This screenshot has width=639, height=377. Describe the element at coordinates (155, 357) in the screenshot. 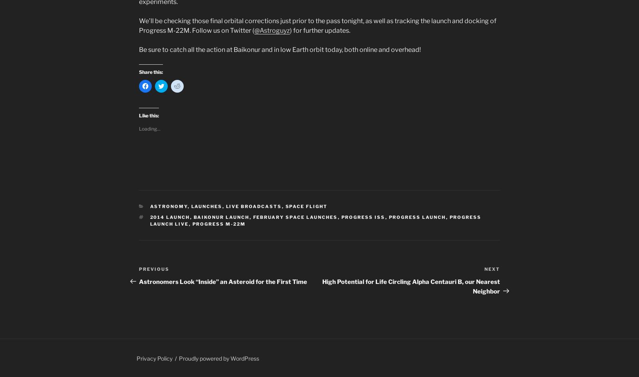

I see `'Privacy Policy'` at that location.